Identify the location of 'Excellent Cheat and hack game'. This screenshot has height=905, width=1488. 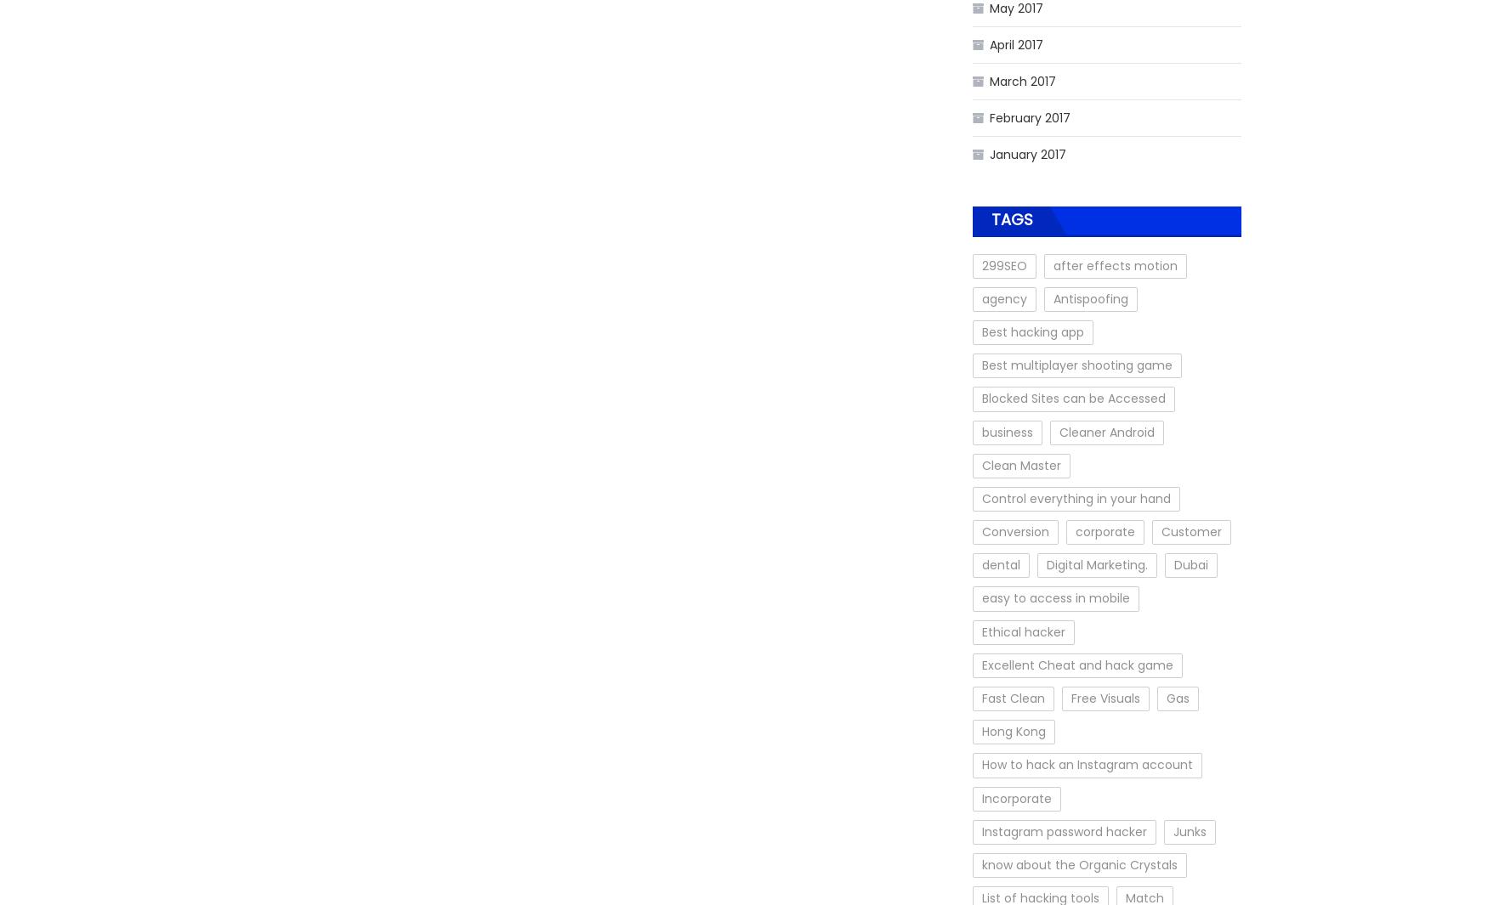
(981, 665).